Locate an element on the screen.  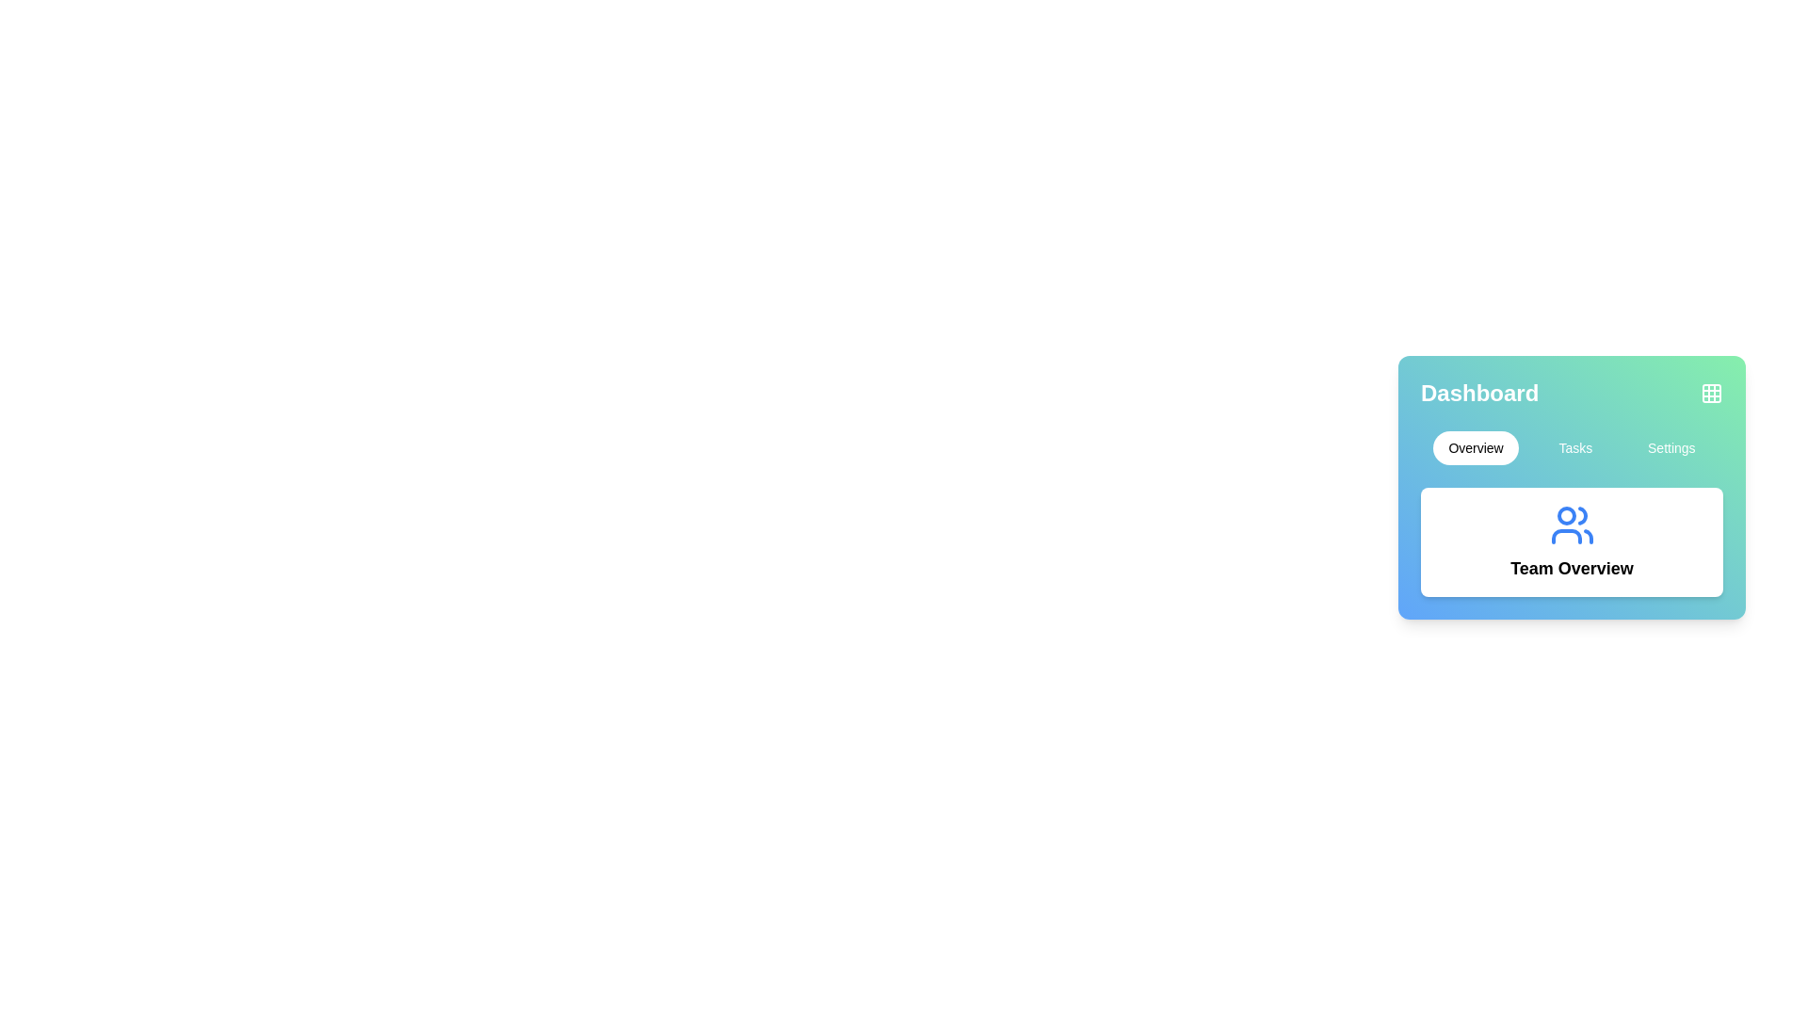
the small circular graphic element located at the upper central part of the group icon within the 'Team Overview' dashboard card is located at coordinates (1566, 515).